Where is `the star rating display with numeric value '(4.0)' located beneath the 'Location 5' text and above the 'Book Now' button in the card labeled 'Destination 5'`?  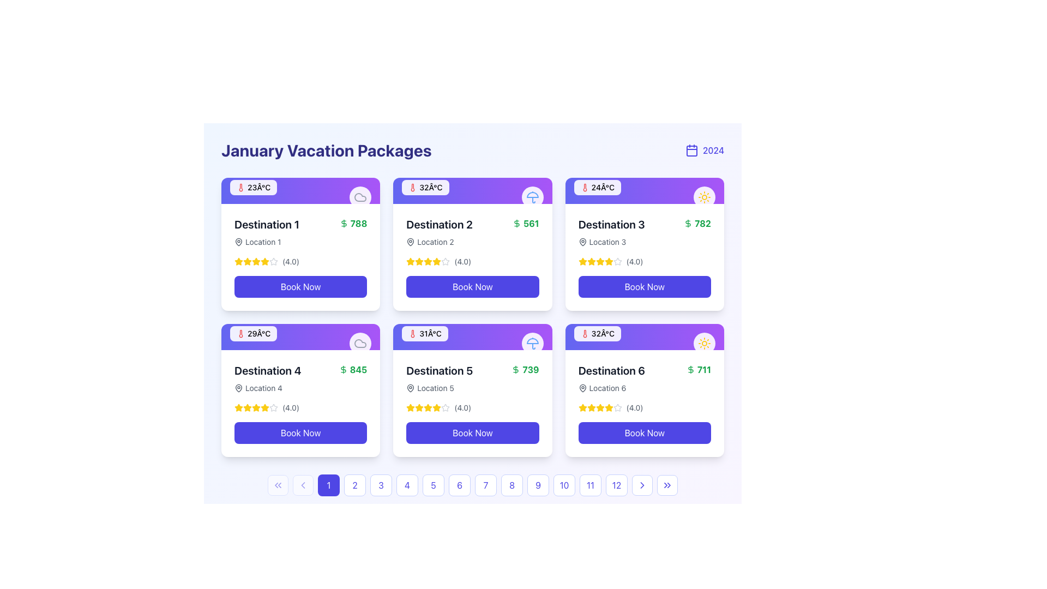
the star rating display with numeric value '(4.0)' located beneath the 'Location 5' text and above the 'Book Now' button in the card labeled 'Destination 5' is located at coordinates (473, 408).